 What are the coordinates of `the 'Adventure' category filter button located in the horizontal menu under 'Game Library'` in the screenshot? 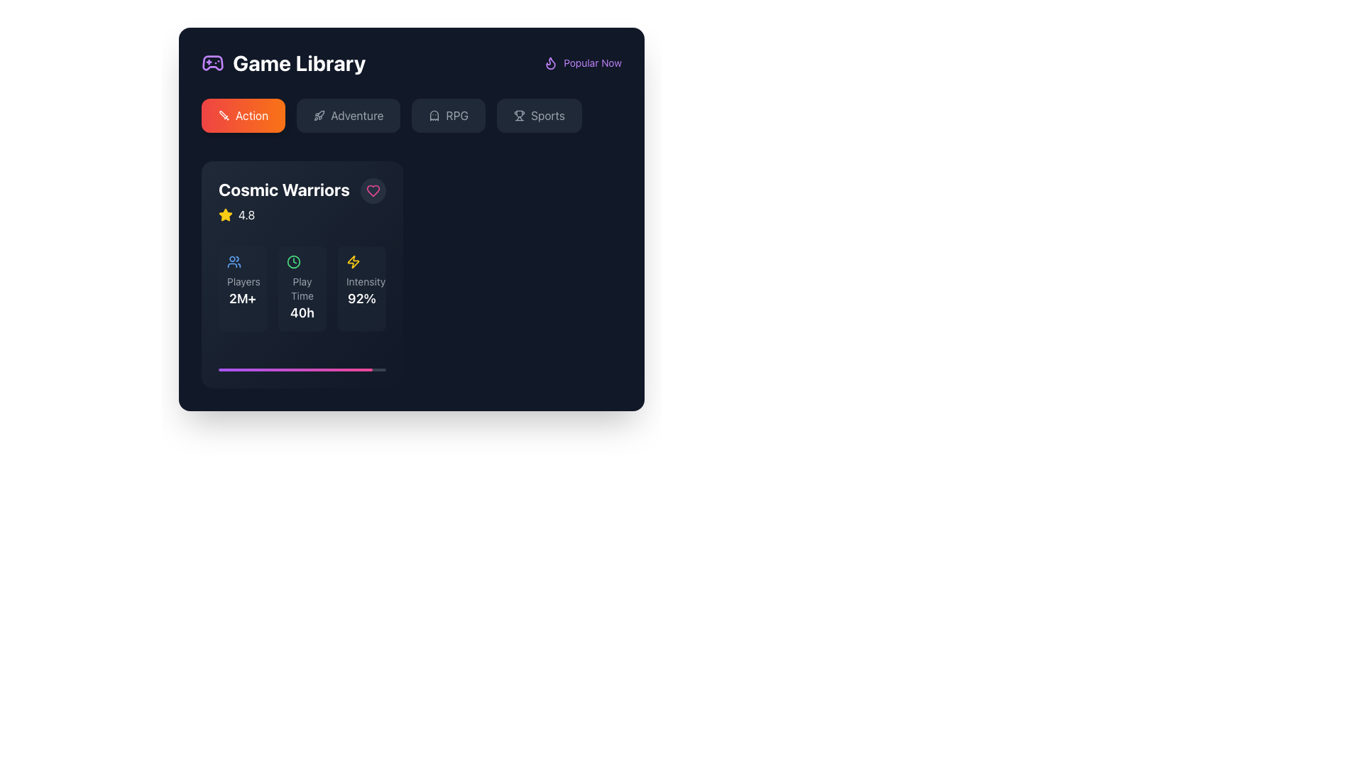 It's located at (349, 114).